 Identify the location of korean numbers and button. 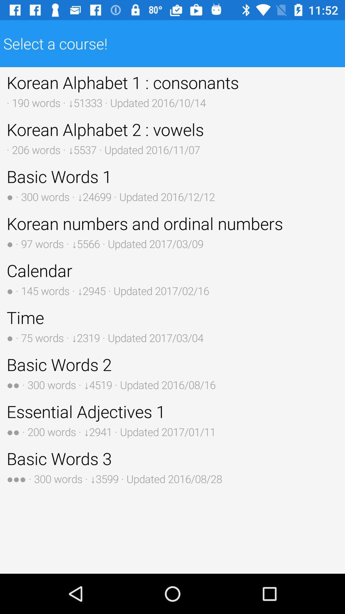
(172, 231).